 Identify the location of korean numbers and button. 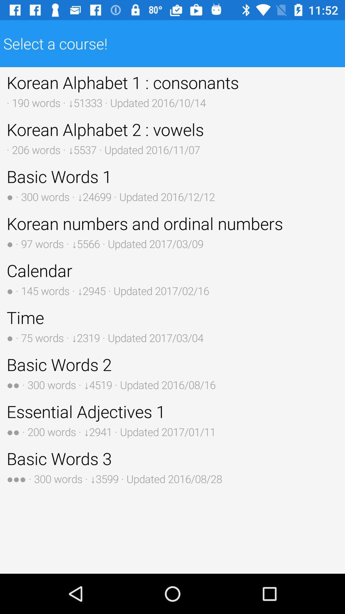
(172, 231).